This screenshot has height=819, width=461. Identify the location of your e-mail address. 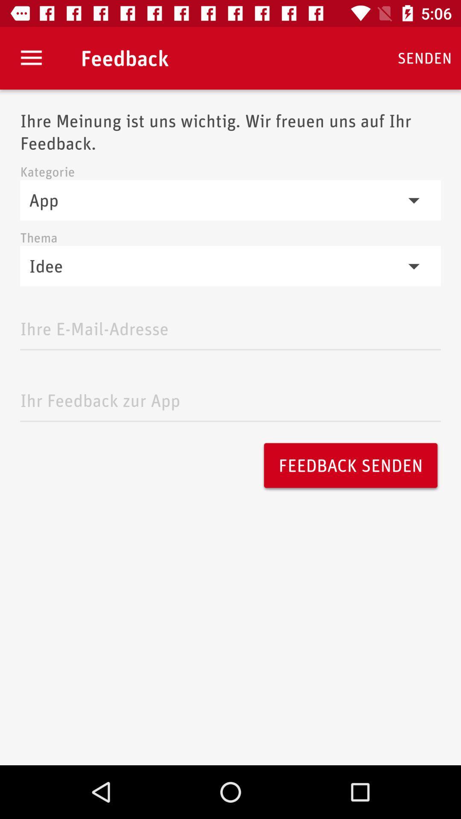
(230, 326).